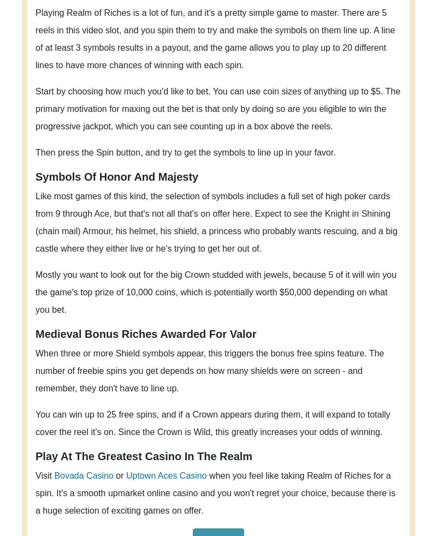  Describe the element at coordinates (314, 440) in the screenshot. I see `'PlayCroco Bonuses'` at that location.